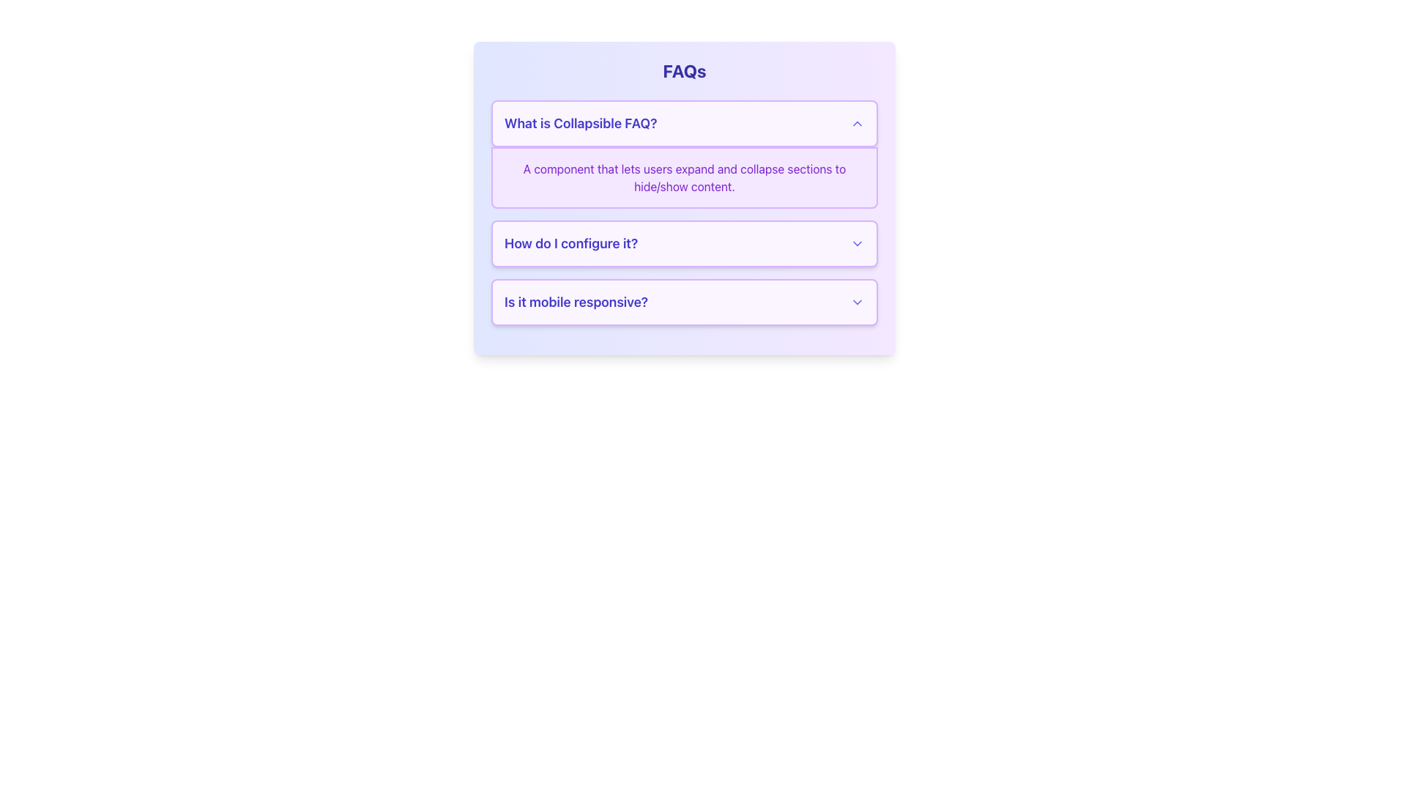  Describe the element at coordinates (684, 301) in the screenshot. I see `the collapsible panel labeled 'Is it mobile responsive?'` at that location.